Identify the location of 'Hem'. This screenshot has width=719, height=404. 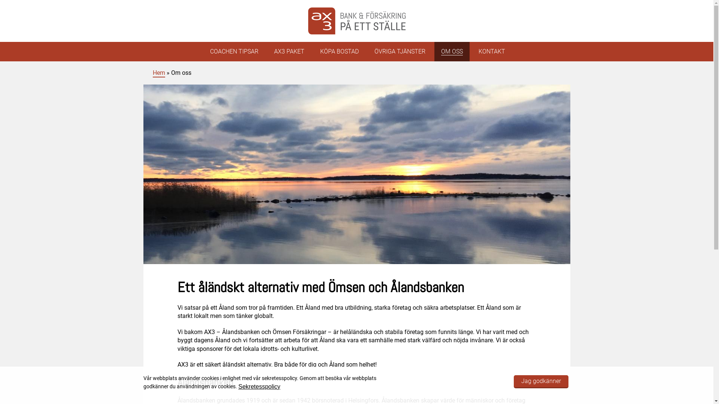
(158, 73).